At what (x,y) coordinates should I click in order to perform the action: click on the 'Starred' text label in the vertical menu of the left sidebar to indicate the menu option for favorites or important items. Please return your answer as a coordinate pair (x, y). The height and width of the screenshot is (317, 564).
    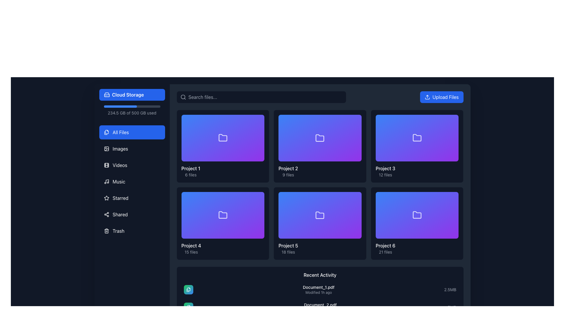
    Looking at the image, I should click on (120, 198).